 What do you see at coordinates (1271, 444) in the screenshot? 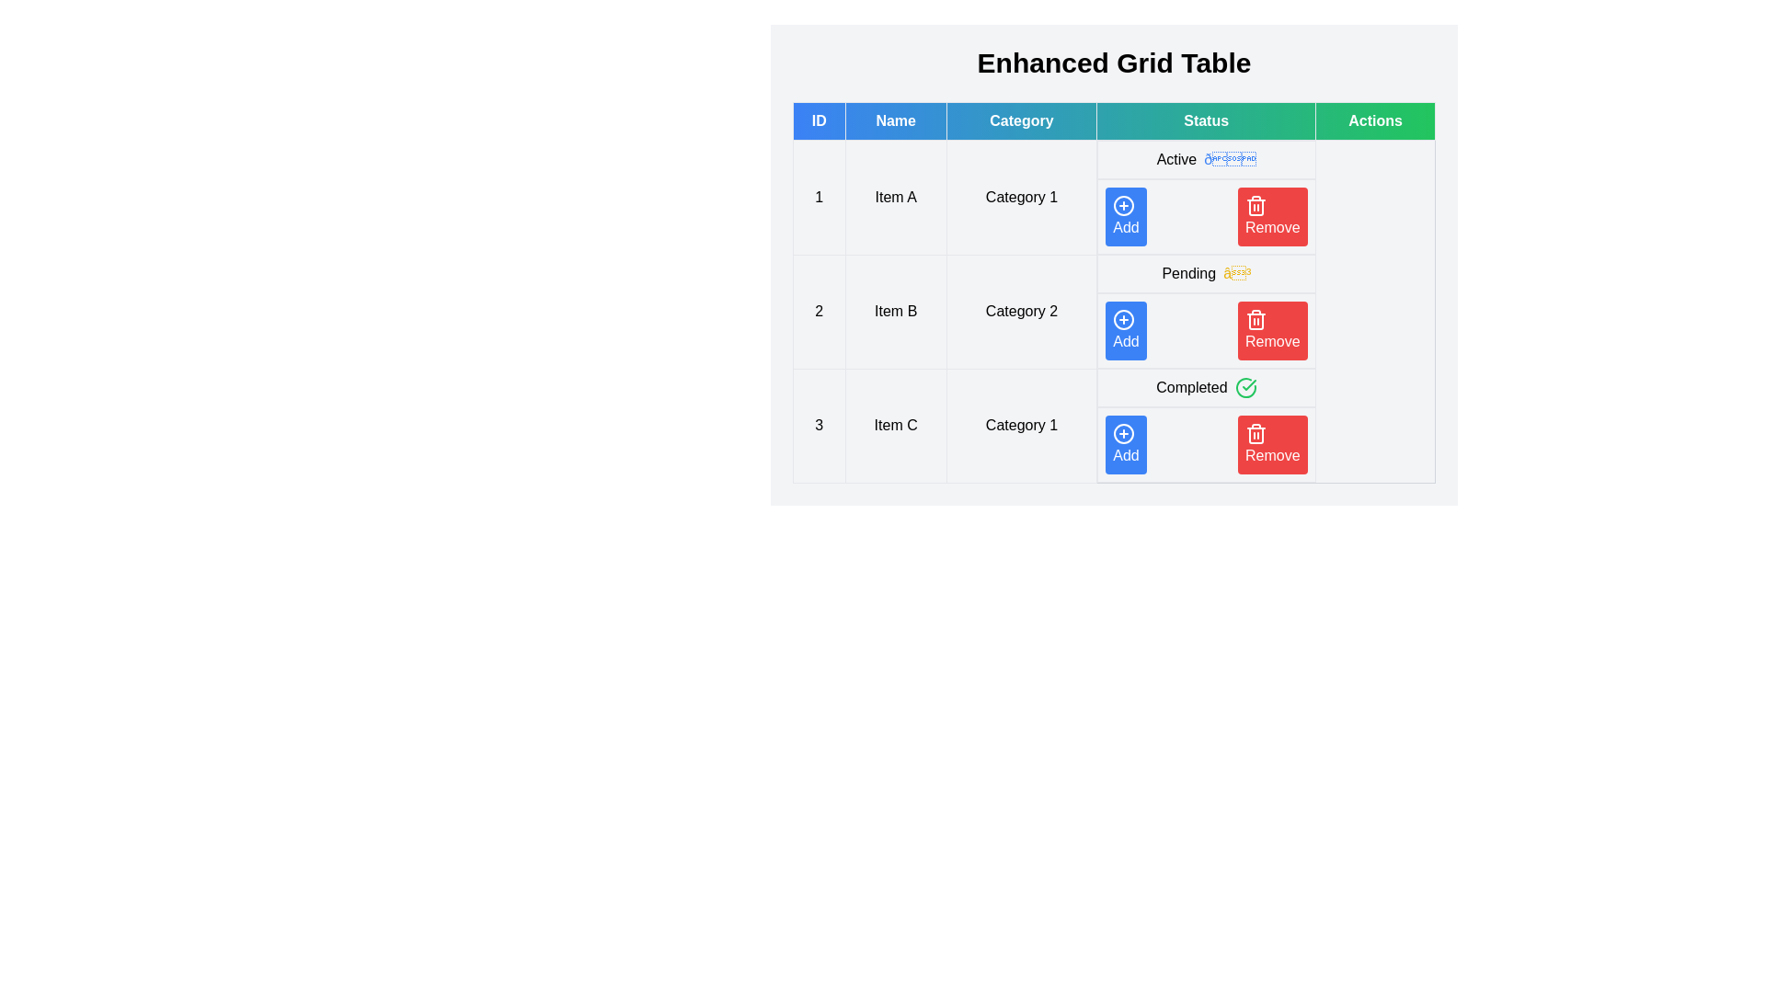
I see `the 'Remove' button for the row corresponding to 3` at bounding box center [1271, 444].